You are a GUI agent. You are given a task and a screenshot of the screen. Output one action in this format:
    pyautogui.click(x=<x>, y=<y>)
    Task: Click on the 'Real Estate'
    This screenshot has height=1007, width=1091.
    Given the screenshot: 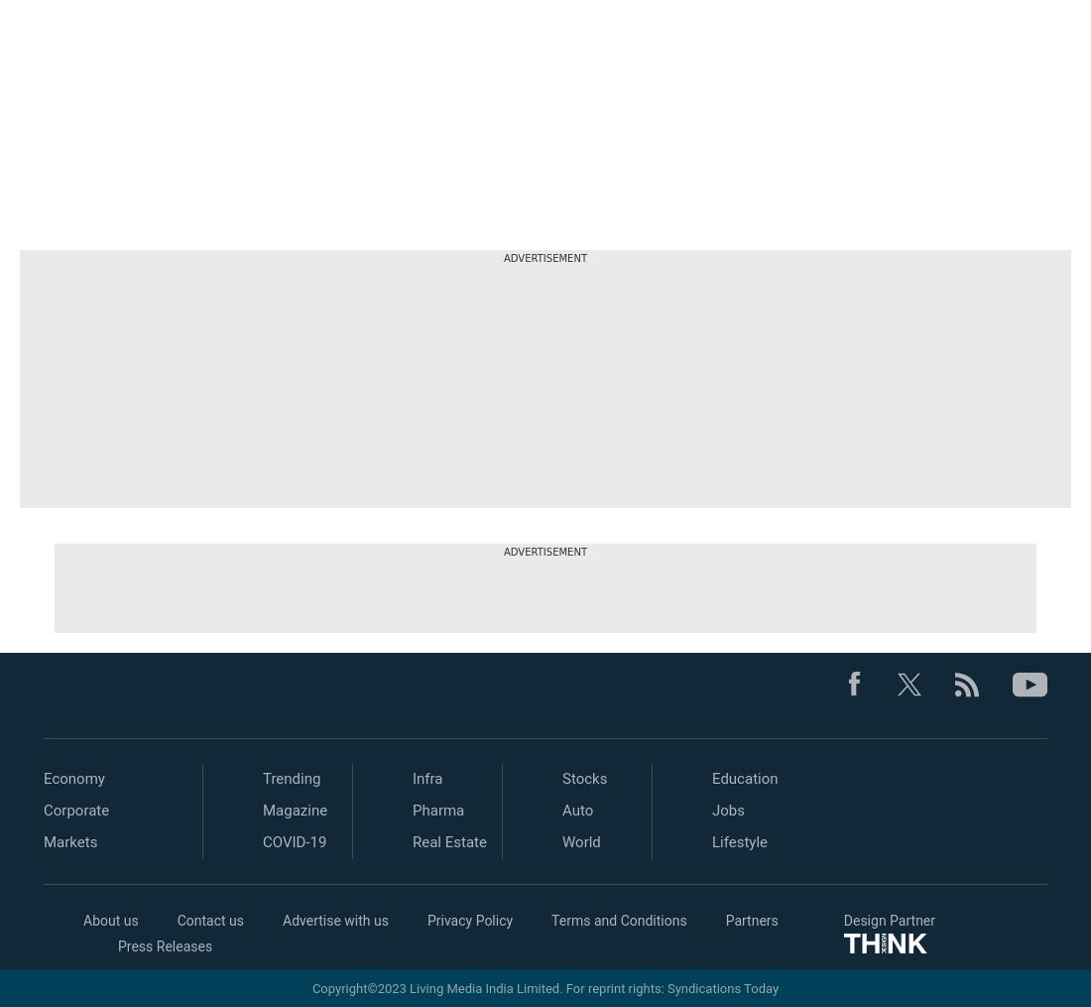 What is the action you would take?
    pyautogui.click(x=447, y=841)
    